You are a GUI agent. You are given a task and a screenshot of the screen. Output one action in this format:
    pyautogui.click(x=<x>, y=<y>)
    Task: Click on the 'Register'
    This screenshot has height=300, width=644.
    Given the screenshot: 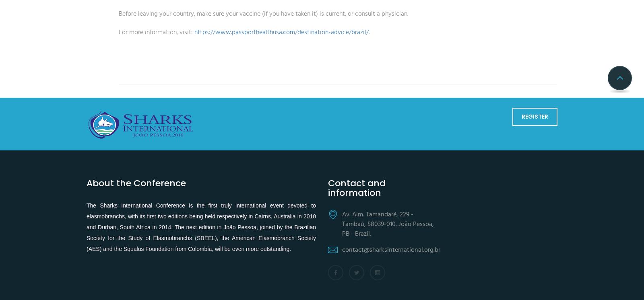 What is the action you would take?
    pyautogui.click(x=534, y=116)
    